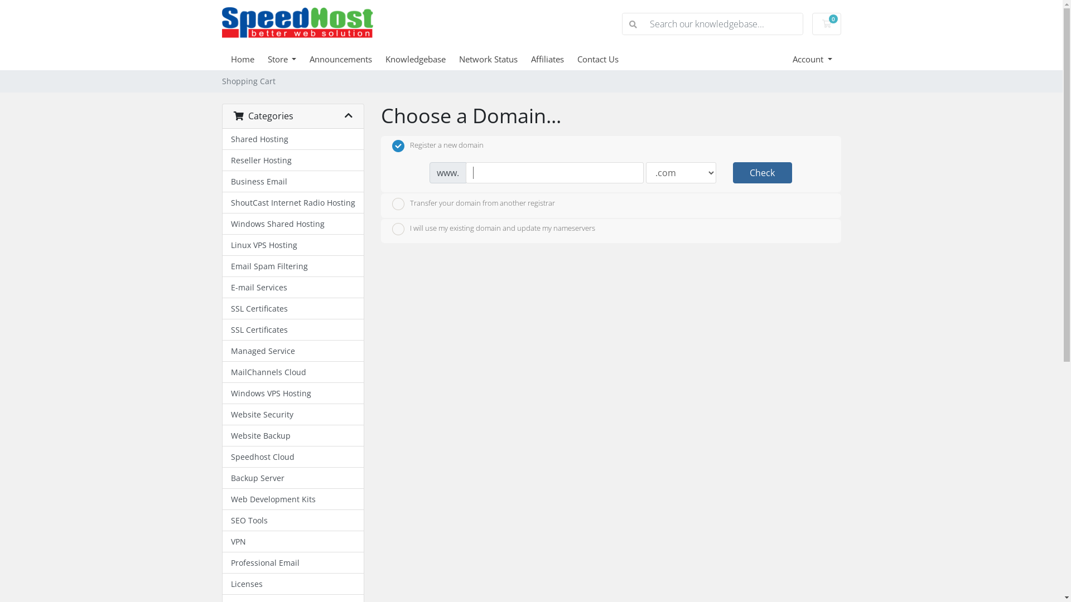 The width and height of the screenshot is (1071, 602). Describe the element at coordinates (292, 372) in the screenshot. I see `'MailChannels Cloud'` at that location.